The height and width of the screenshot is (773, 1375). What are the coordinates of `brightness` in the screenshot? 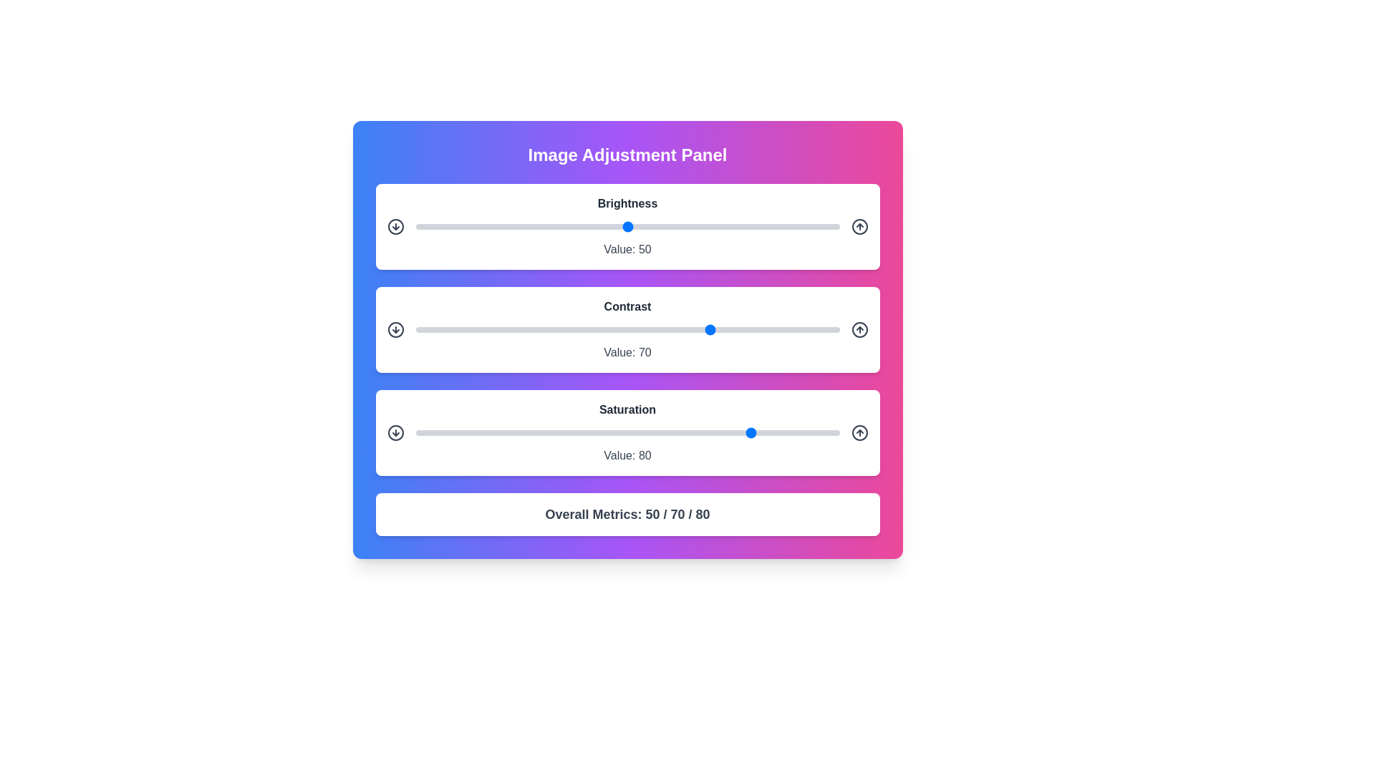 It's located at (640, 225).